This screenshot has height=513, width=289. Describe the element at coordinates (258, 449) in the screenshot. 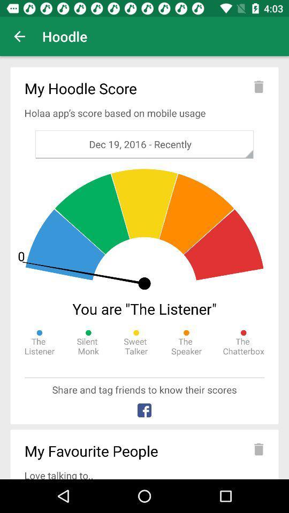

I see `ddelete` at that location.